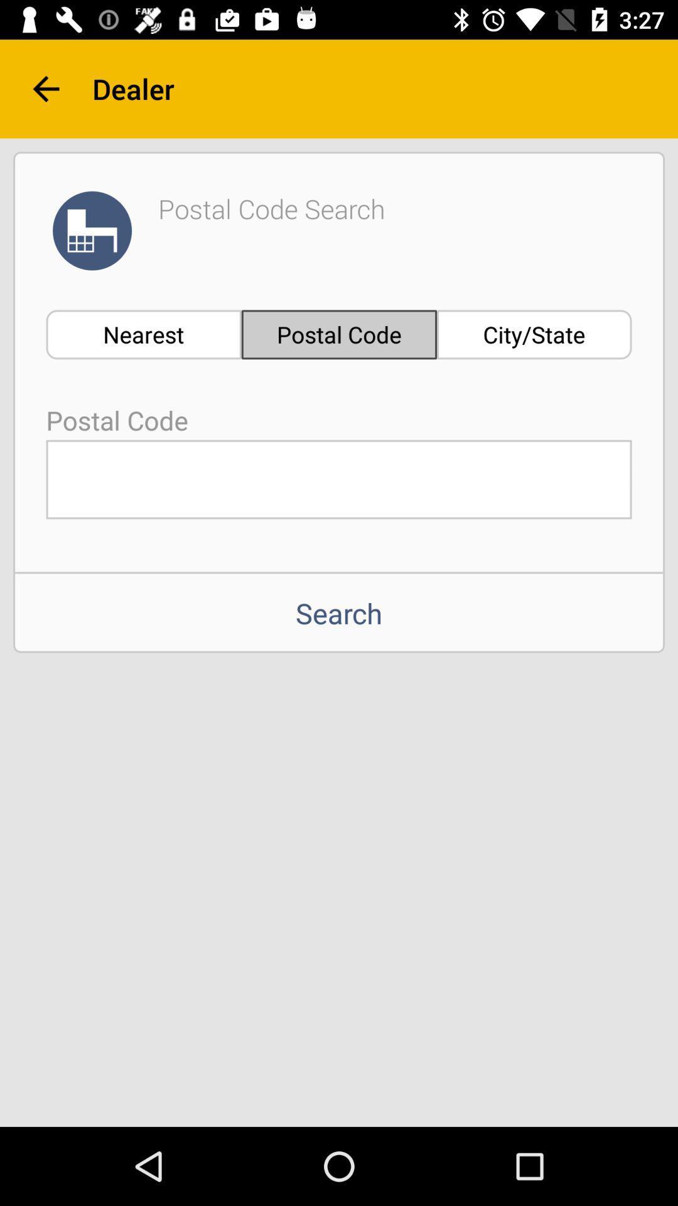 The image size is (678, 1206). Describe the element at coordinates (143, 334) in the screenshot. I see `the nearest icon` at that location.